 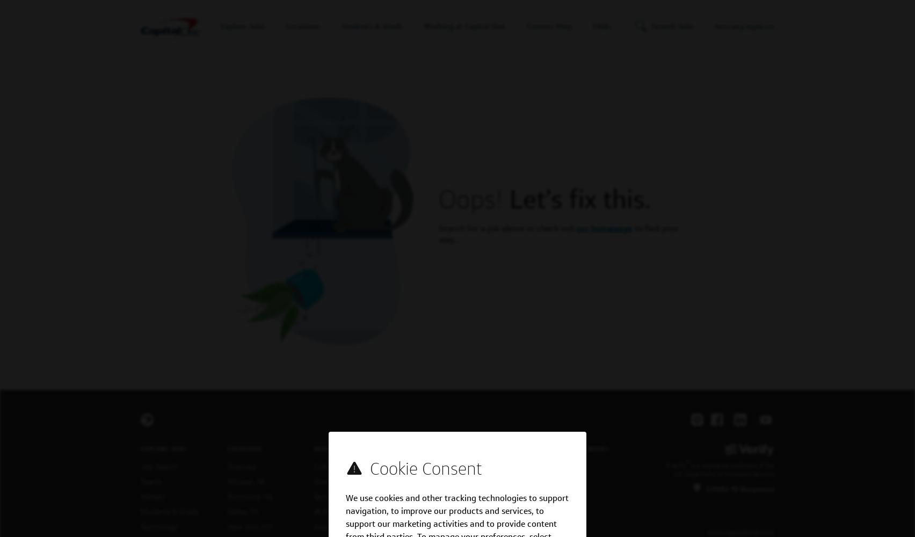 I want to click on 'Teams', so click(x=150, y=481).